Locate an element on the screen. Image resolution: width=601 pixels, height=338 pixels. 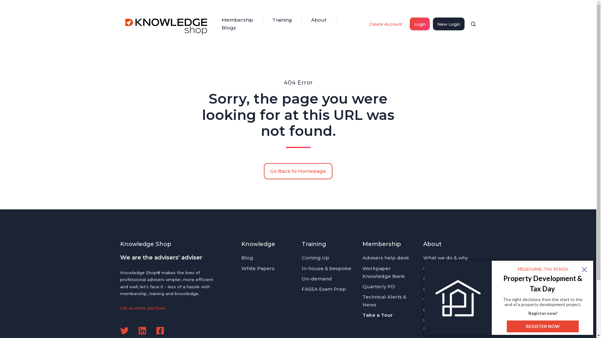
'Knowledge' is located at coordinates (258, 243).